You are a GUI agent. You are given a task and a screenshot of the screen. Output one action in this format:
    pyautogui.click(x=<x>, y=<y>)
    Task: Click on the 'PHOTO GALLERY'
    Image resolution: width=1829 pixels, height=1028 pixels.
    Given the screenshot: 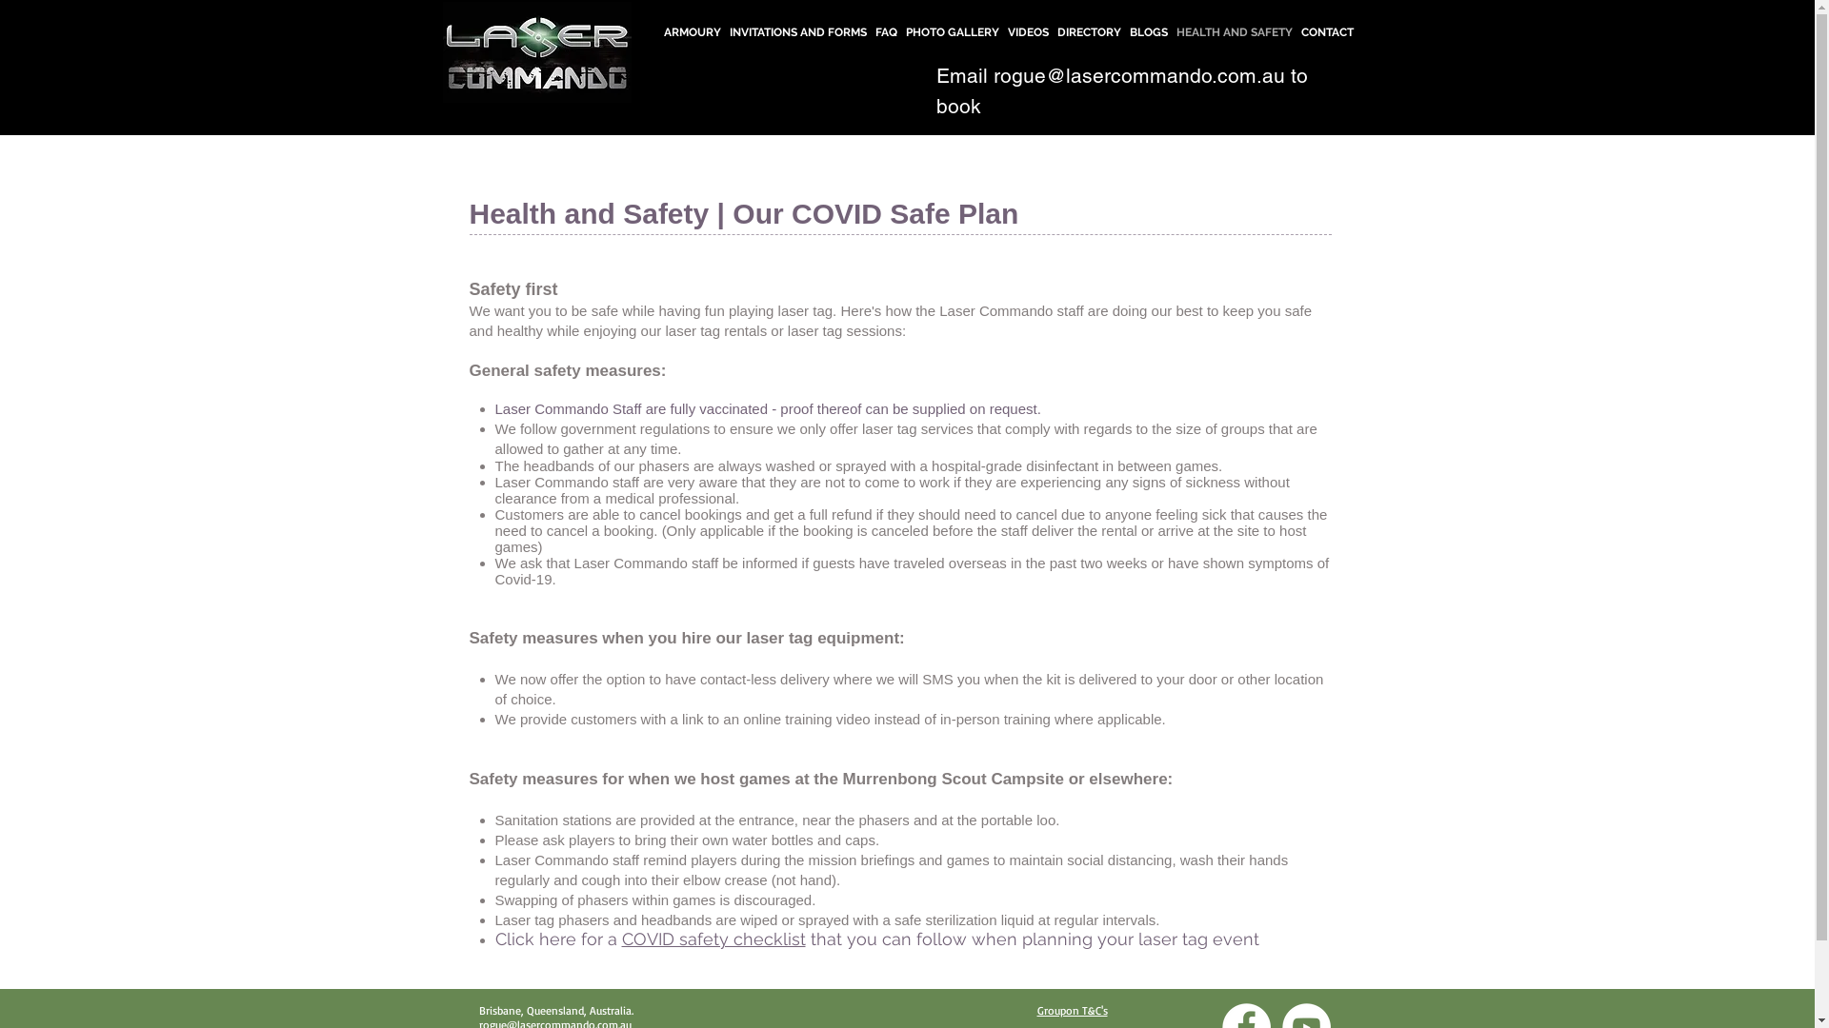 What is the action you would take?
    pyautogui.click(x=952, y=32)
    